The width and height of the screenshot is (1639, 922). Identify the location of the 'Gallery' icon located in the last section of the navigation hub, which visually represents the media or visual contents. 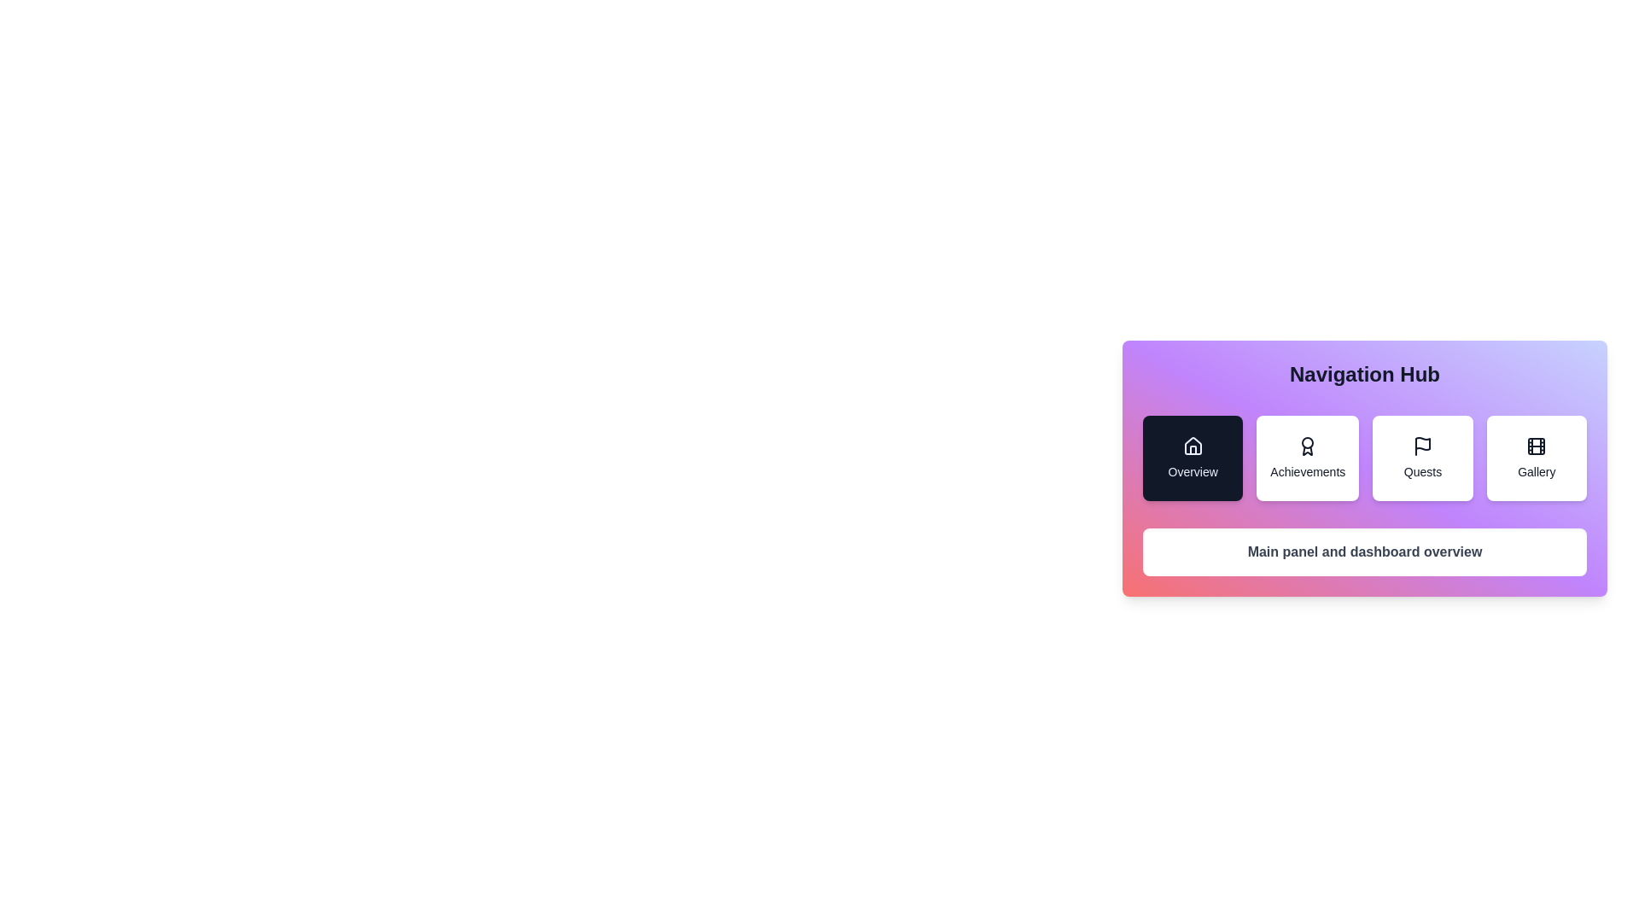
(1537, 446).